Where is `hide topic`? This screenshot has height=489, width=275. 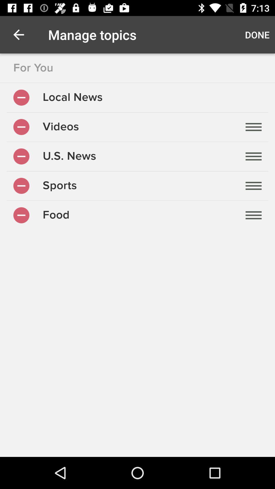 hide topic is located at coordinates (21, 156).